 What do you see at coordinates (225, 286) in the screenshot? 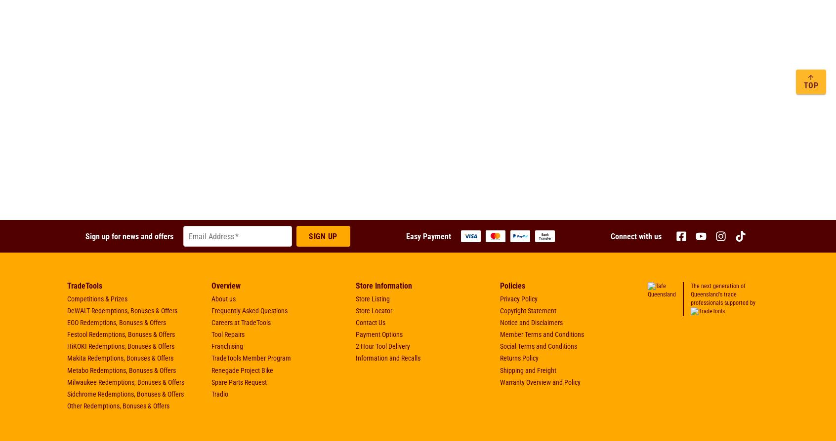
I see `'Overview'` at bounding box center [225, 286].